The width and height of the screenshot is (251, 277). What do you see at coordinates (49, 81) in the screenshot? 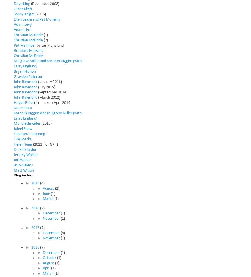
I see `'(January 2016)'` at bounding box center [49, 81].